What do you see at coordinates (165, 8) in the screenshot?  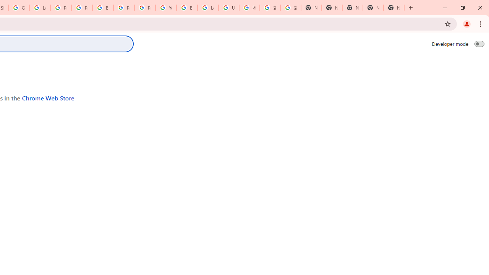 I see `'YouTube'` at bounding box center [165, 8].